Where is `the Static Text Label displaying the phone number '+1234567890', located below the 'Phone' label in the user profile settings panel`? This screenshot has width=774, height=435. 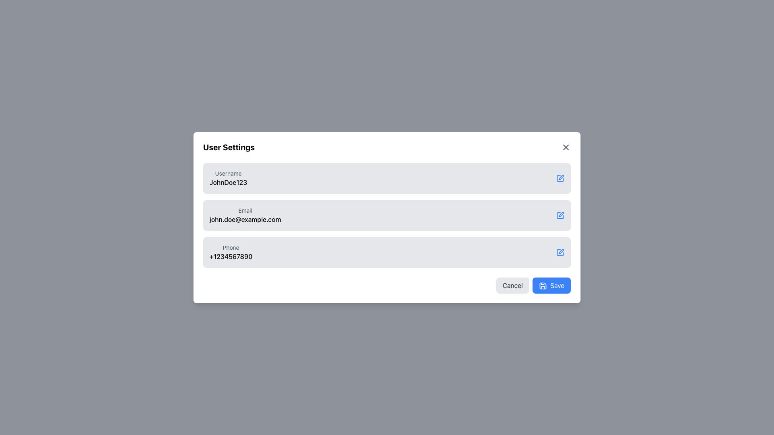 the Static Text Label displaying the phone number '+1234567890', located below the 'Phone' label in the user profile settings panel is located at coordinates (231, 256).